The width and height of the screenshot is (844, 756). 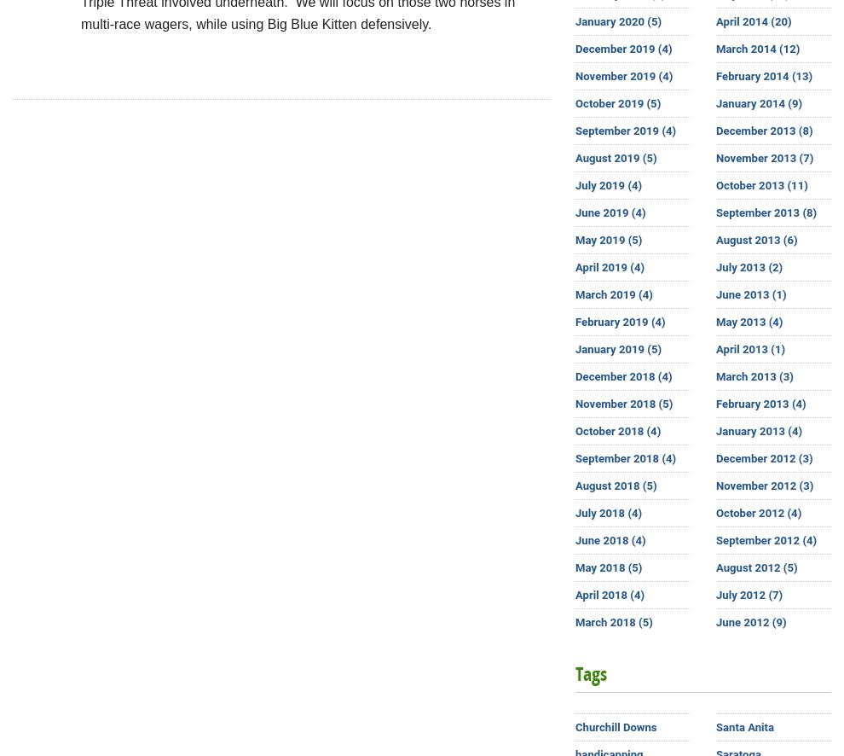 What do you see at coordinates (749, 266) in the screenshot?
I see `'July 2013 (2)'` at bounding box center [749, 266].